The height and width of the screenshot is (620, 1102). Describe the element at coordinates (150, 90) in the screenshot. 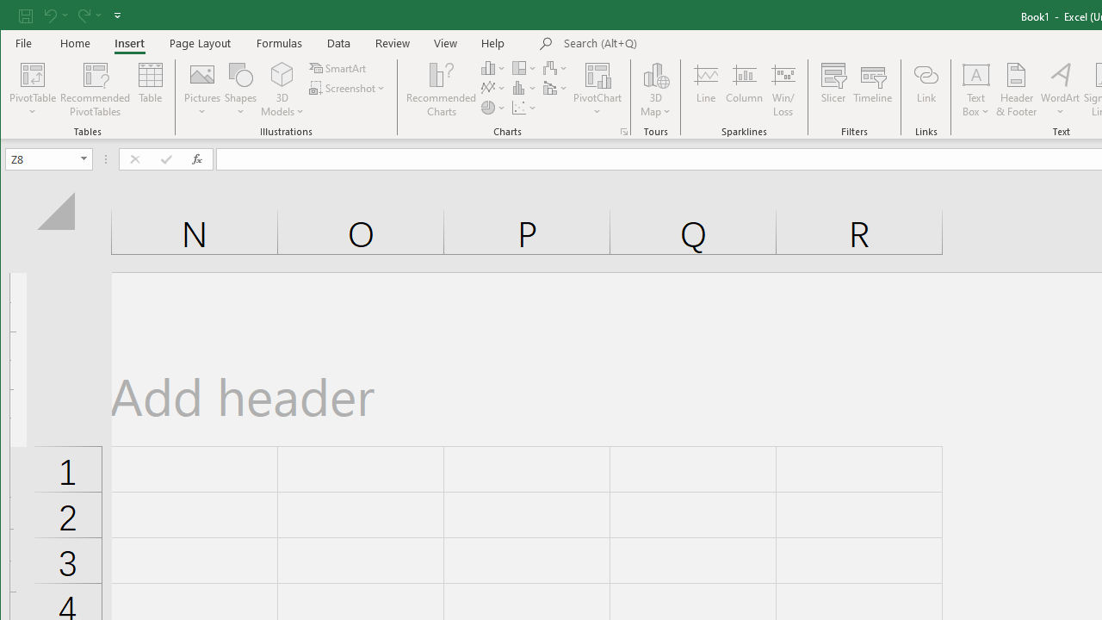

I see `'Table'` at that location.